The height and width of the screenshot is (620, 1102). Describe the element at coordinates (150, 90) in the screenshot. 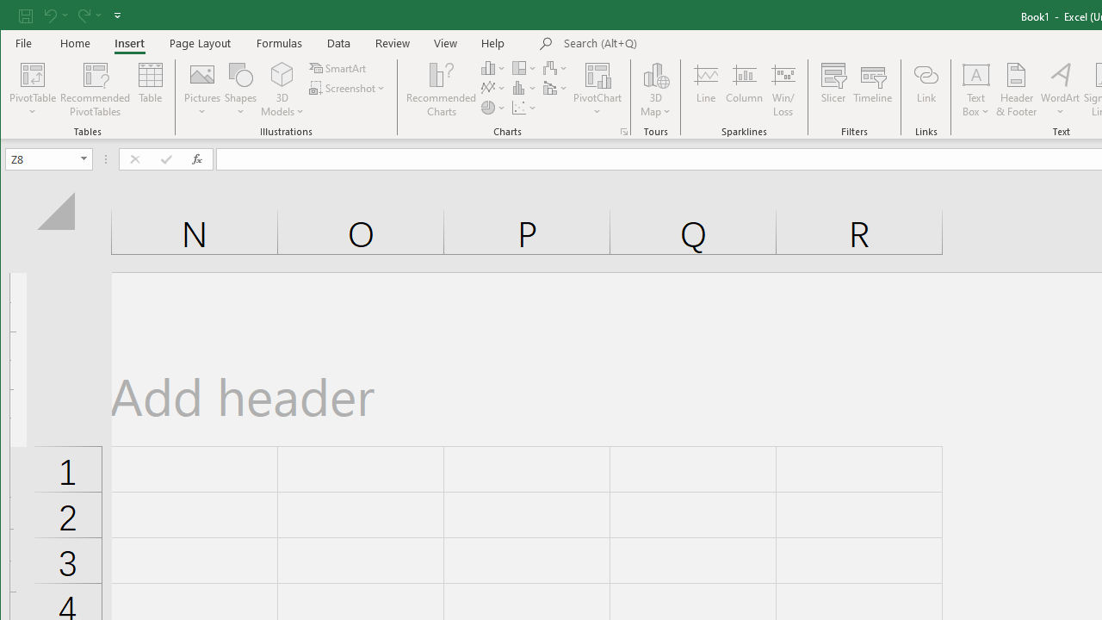

I see `'Table'` at that location.